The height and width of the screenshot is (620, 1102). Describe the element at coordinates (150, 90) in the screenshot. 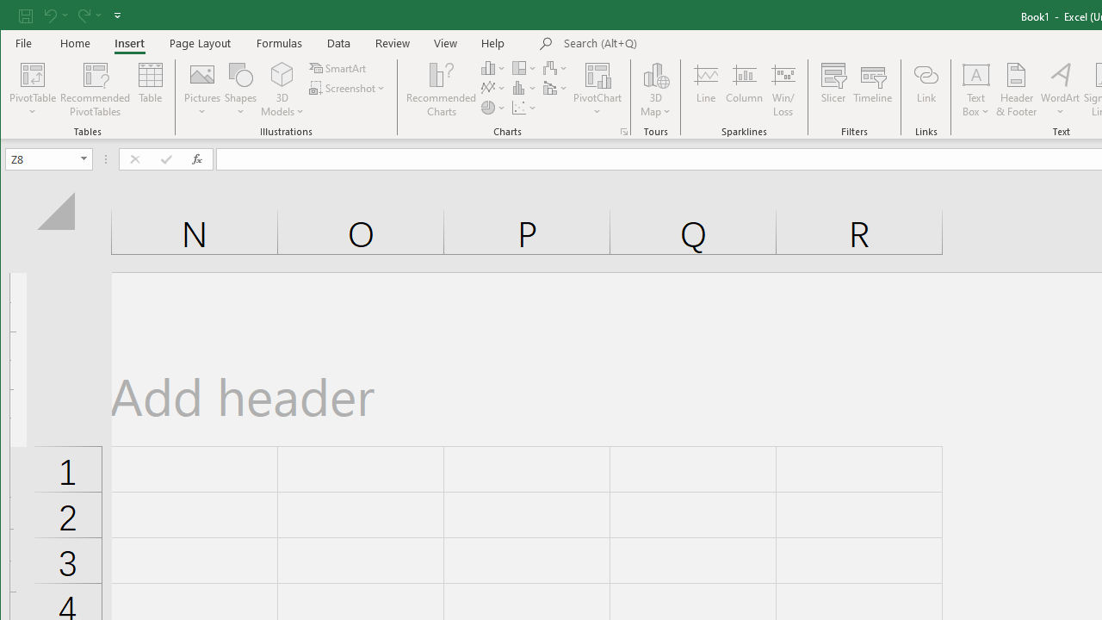

I see `'Table'` at that location.